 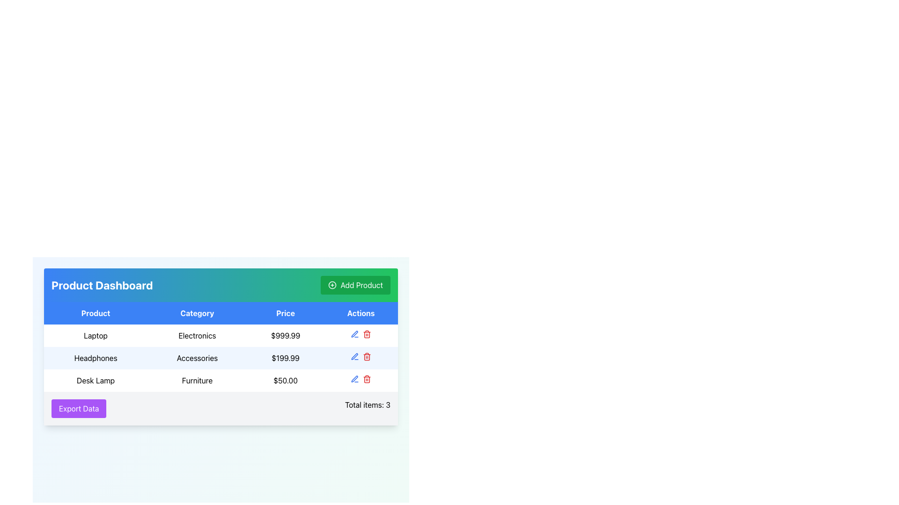 I want to click on the 'Category' column header label in the data table to sort the column, so click(x=197, y=313).